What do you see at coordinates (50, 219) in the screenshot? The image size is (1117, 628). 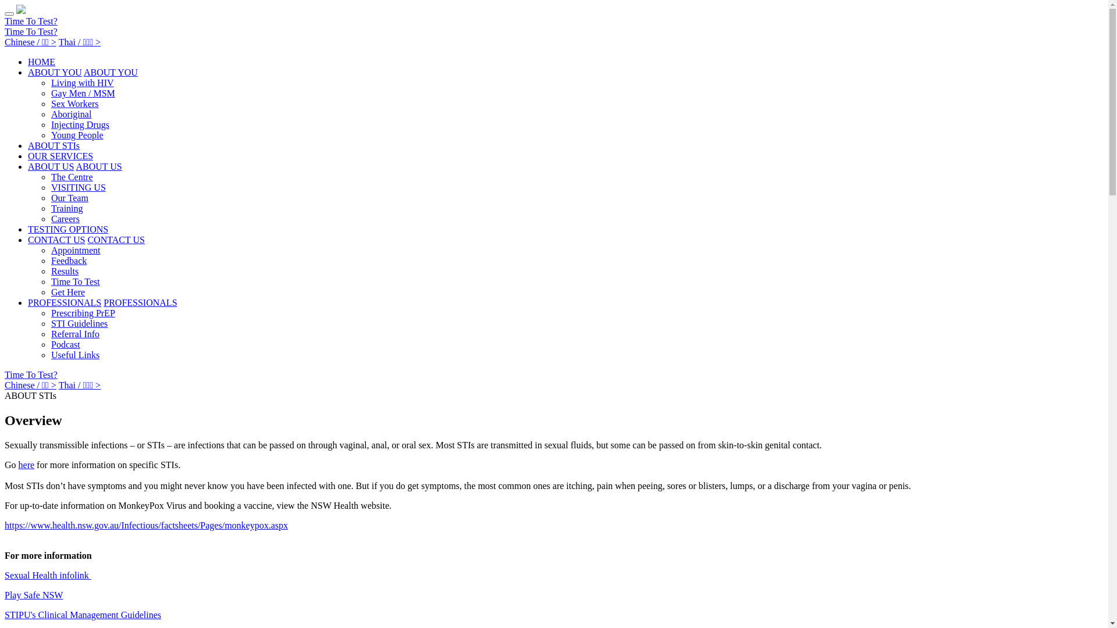 I see `'Careers'` at bounding box center [50, 219].